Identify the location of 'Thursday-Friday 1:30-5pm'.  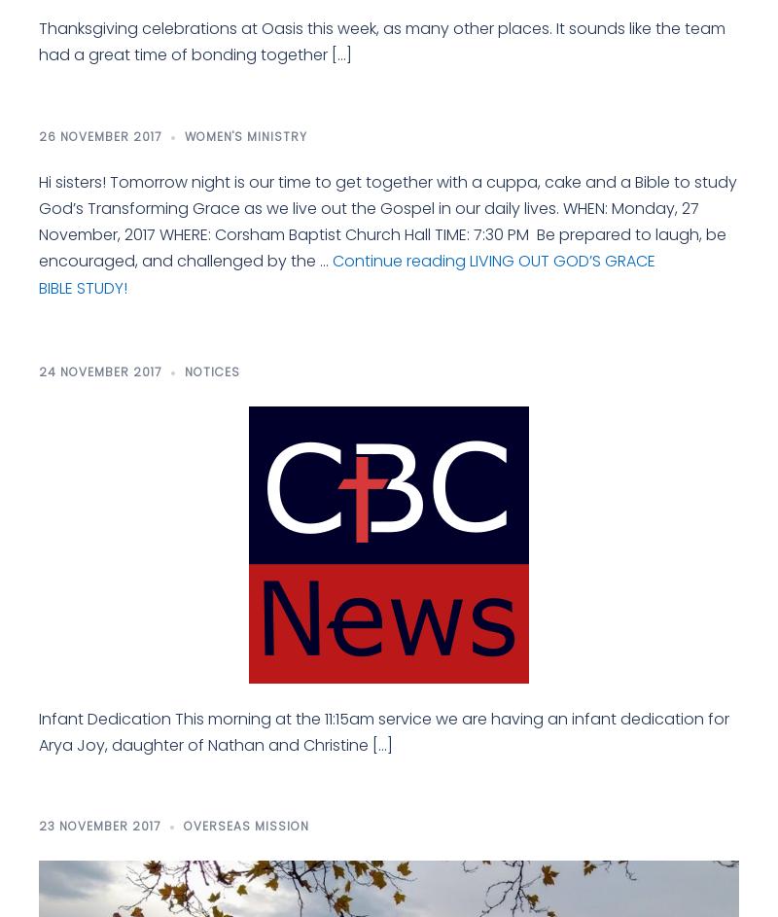
(622, 511).